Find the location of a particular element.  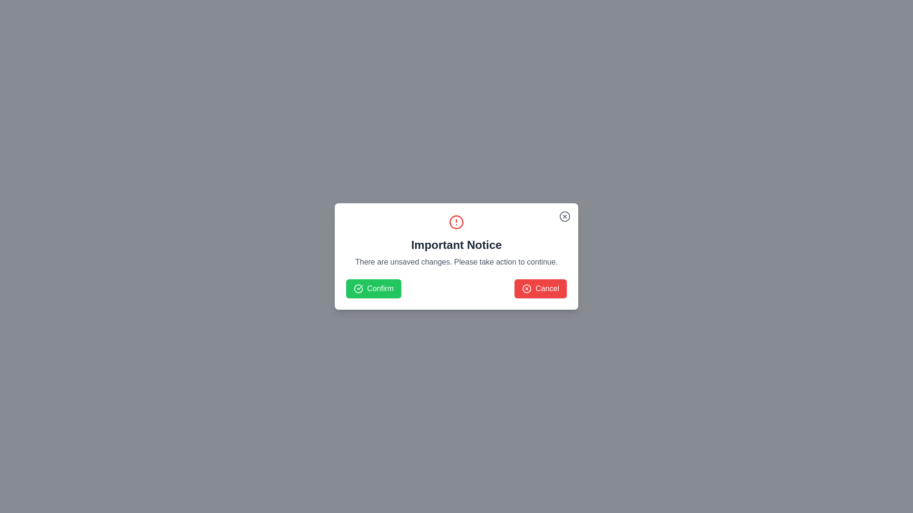

the circular green icon with a checkmark inside, positioned to the left of the 'Confirm' text within the green button at the bottom-left of the modal dialog box is located at coordinates (358, 288).